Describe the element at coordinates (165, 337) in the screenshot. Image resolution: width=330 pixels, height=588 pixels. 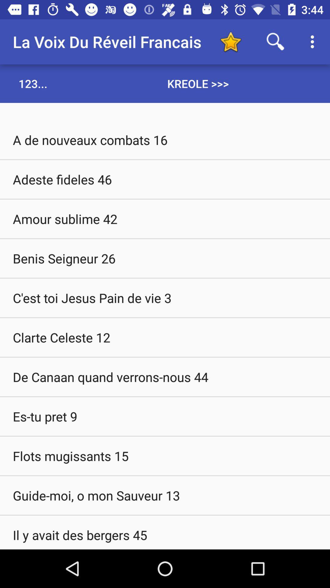
I see `icon above the de canaan quand item` at that location.